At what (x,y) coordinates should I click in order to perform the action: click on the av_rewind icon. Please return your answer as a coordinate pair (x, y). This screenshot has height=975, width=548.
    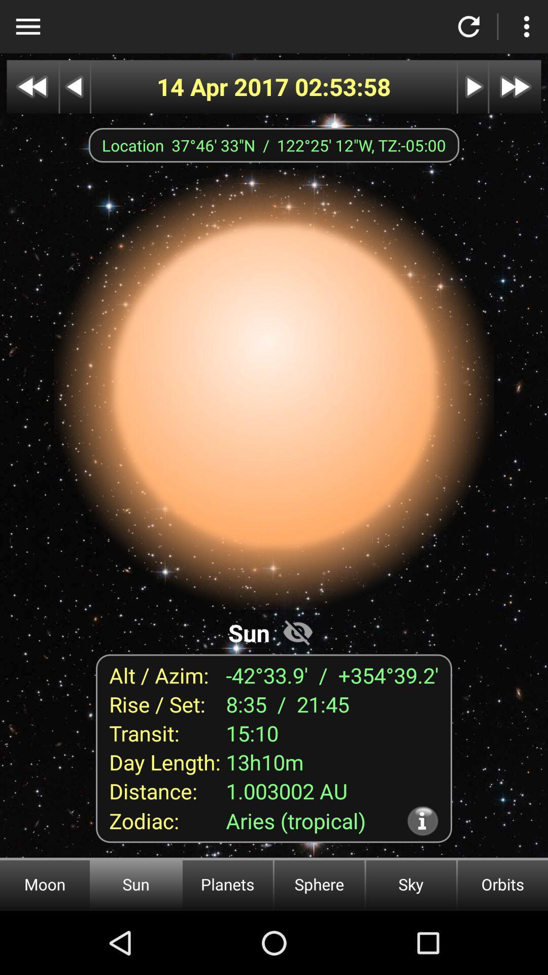
    Looking at the image, I should click on (32, 87).